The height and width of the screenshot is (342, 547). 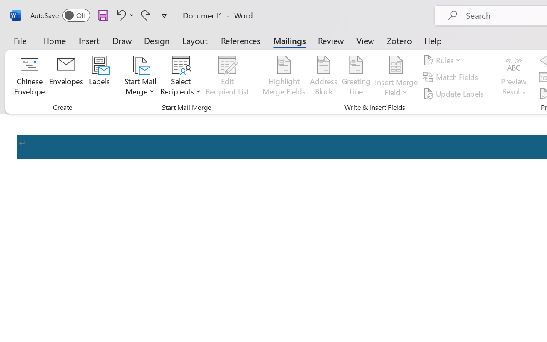 What do you see at coordinates (356, 77) in the screenshot?
I see `'Greeting Line...'` at bounding box center [356, 77].